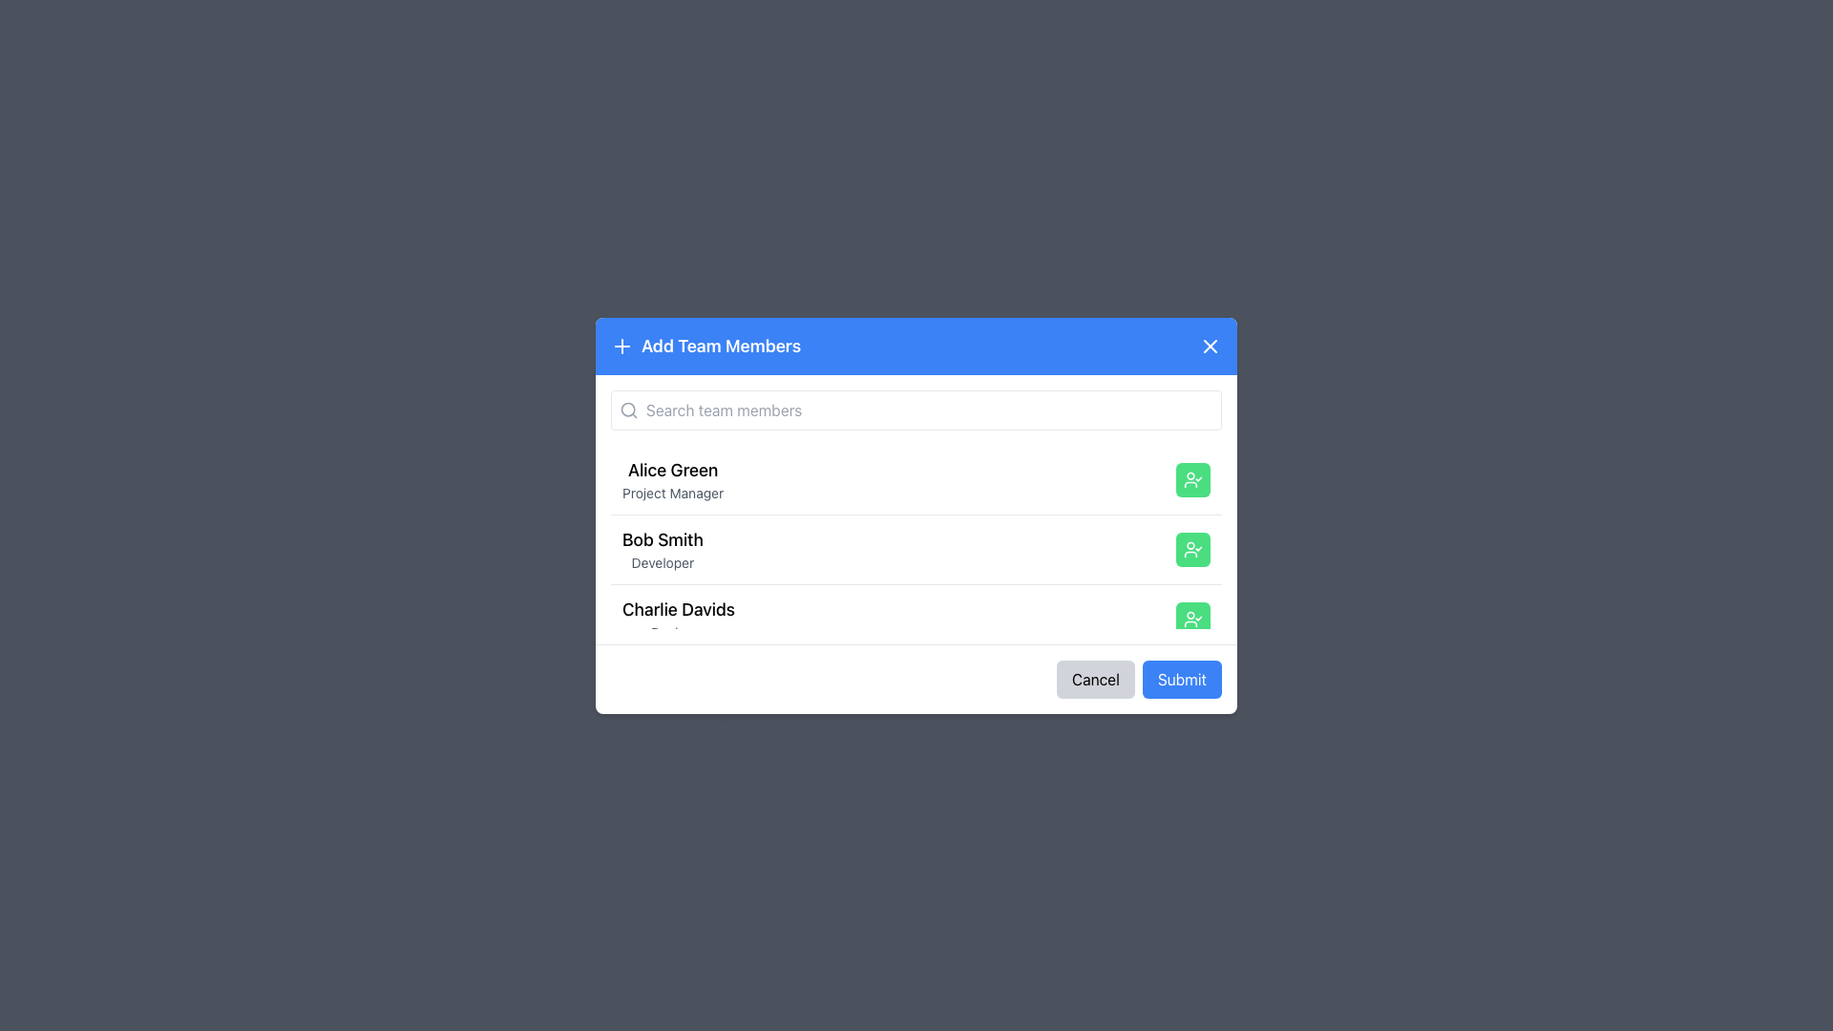 This screenshot has width=1833, height=1031. Describe the element at coordinates (628, 408) in the screenshot. I see `the small circular part of the magnifying glass icon in the search field labeled 'Search team members', located below the 'Add Team Members' header` at that location.